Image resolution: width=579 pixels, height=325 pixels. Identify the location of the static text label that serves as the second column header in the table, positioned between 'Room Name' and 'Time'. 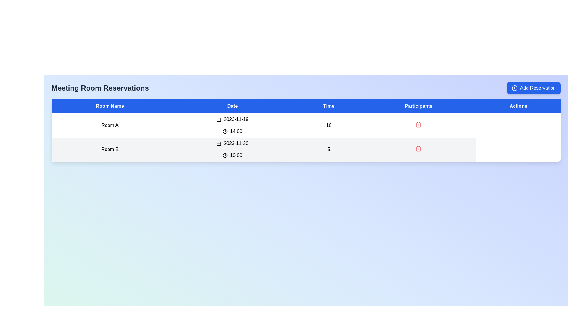
(232, 106).